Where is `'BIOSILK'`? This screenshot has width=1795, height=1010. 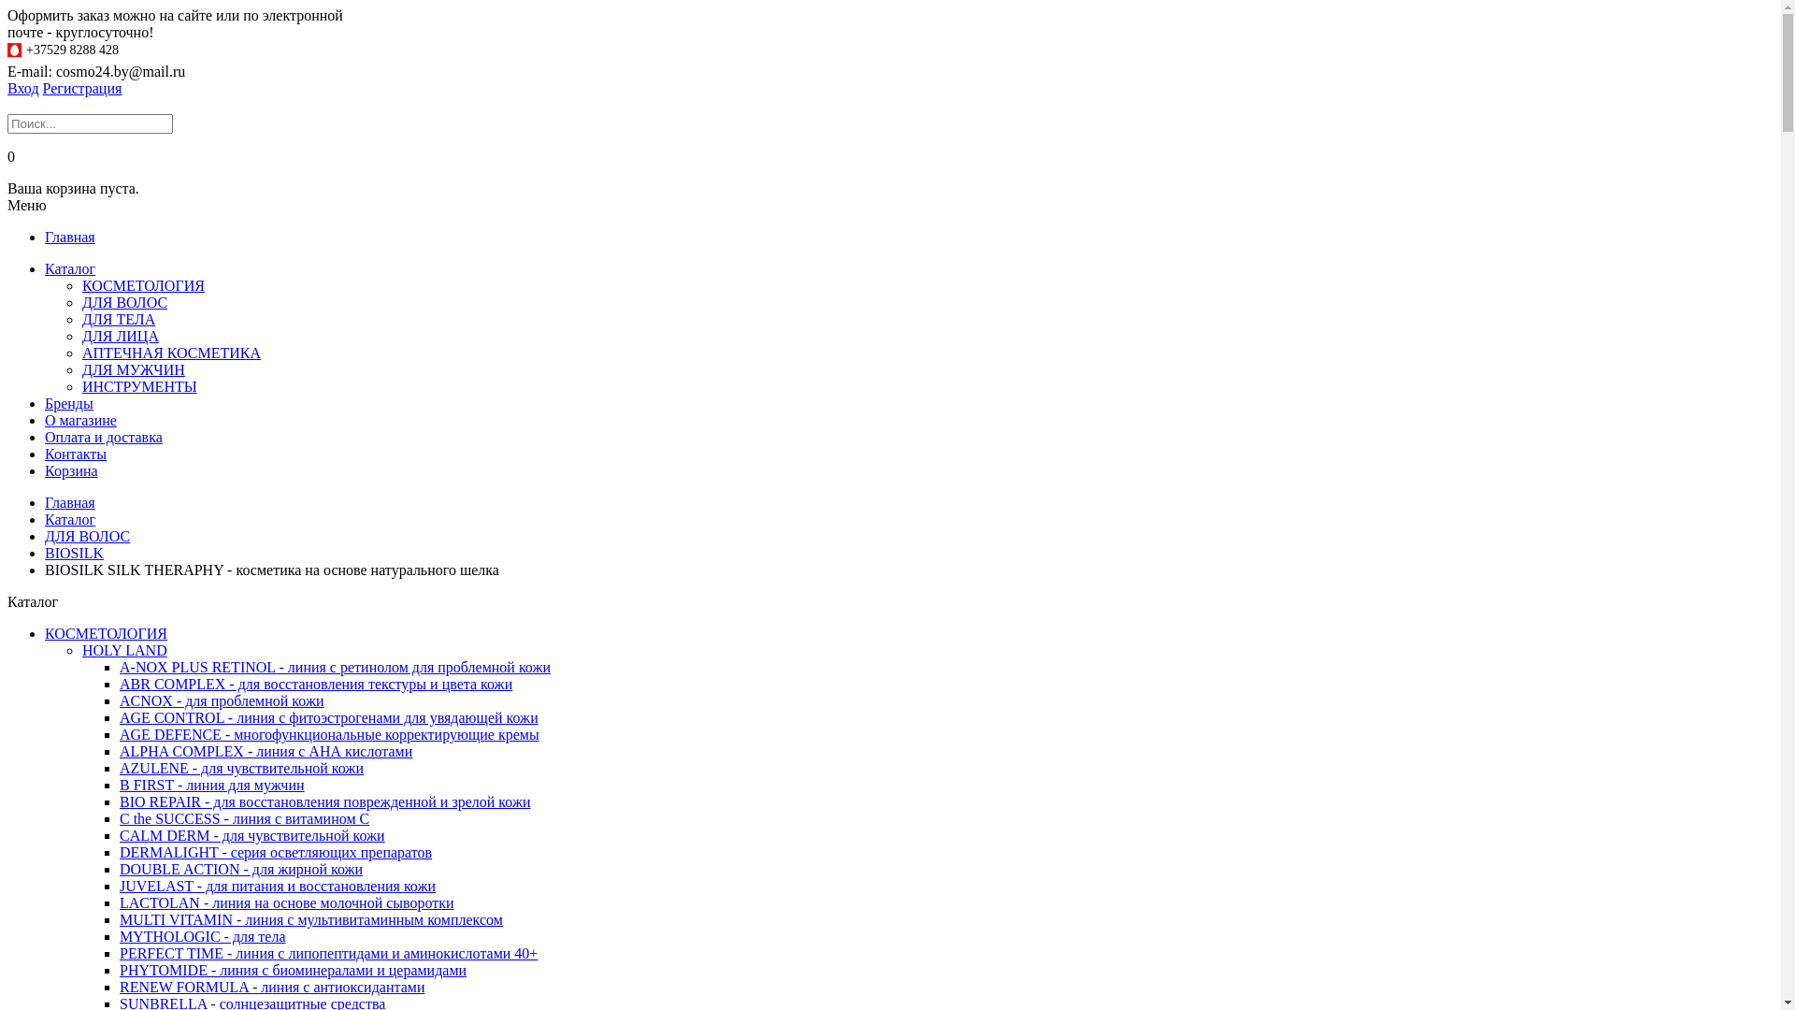
'BIOSILK' is located at coordinates (74, 552).